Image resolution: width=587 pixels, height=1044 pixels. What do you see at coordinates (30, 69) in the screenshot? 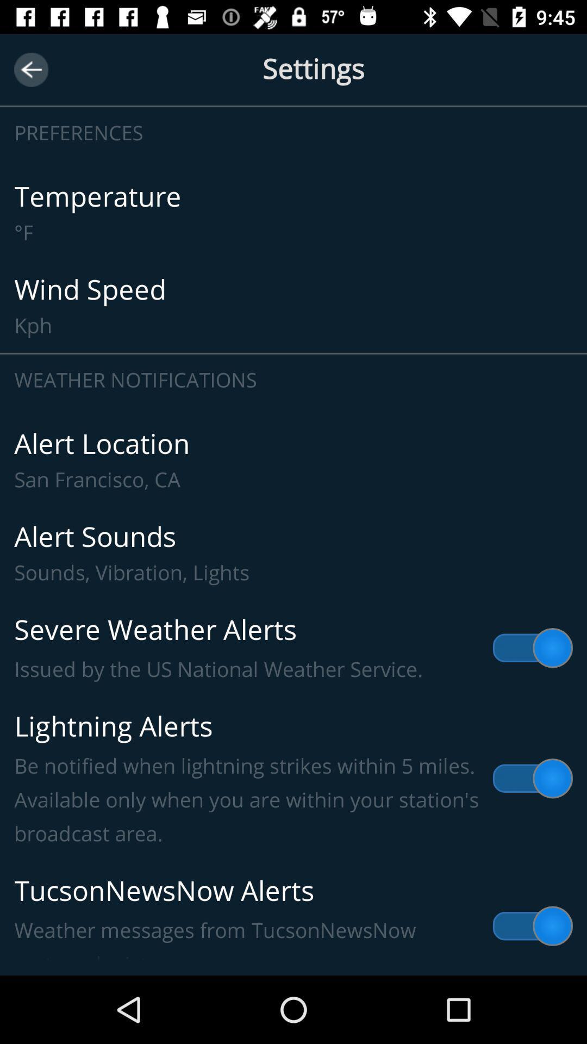
I see `the arrow_backward icon` at bounding box center [30, 69].